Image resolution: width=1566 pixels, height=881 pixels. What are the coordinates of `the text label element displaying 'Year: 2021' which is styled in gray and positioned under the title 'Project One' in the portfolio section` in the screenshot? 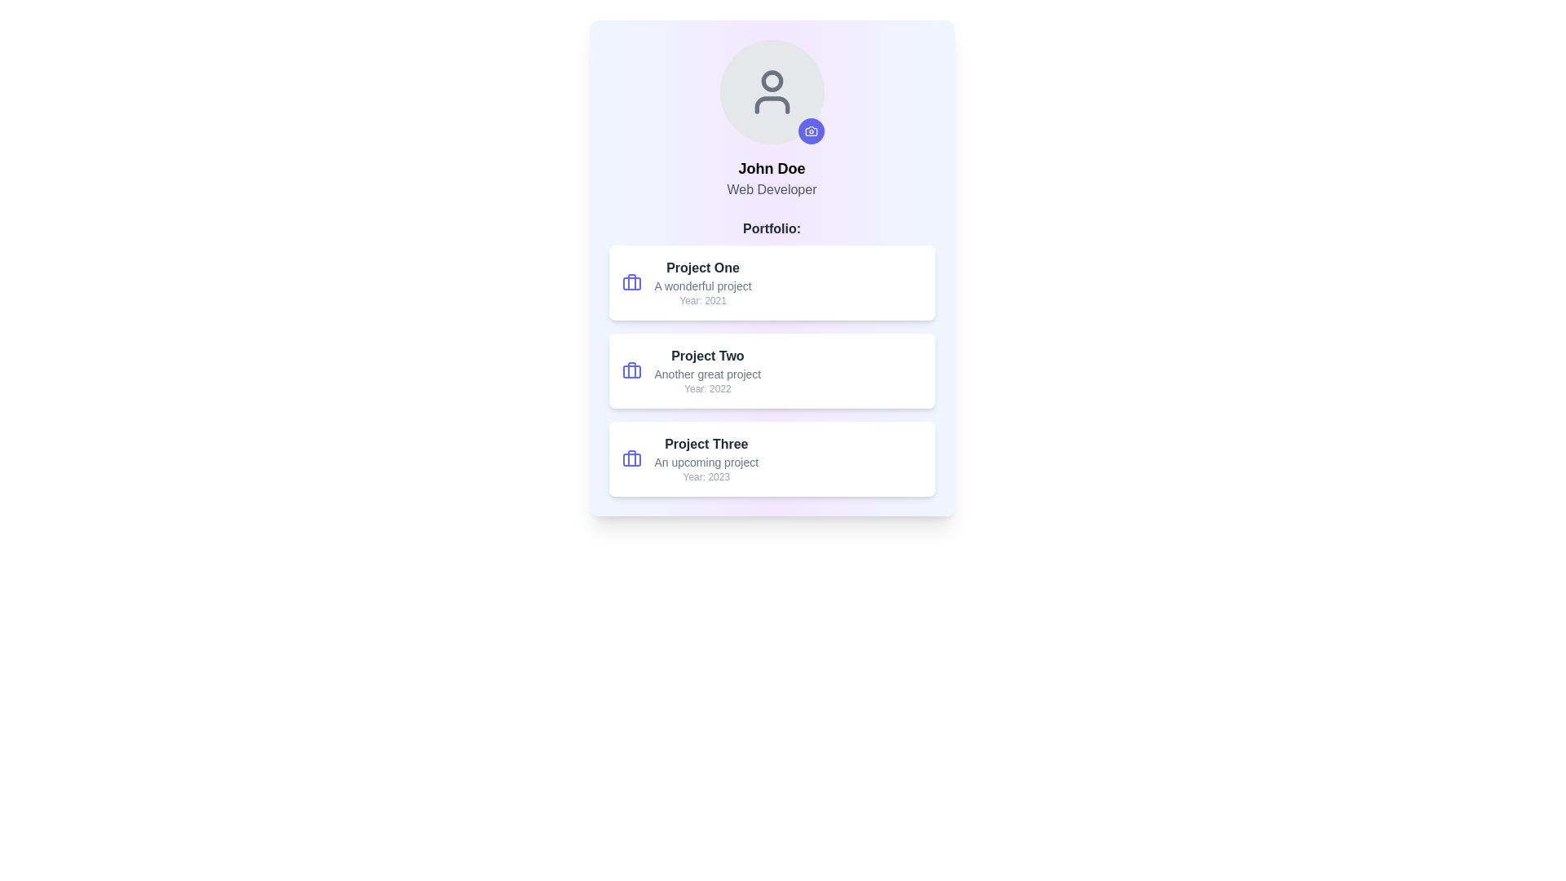 It's located at (703, 301).